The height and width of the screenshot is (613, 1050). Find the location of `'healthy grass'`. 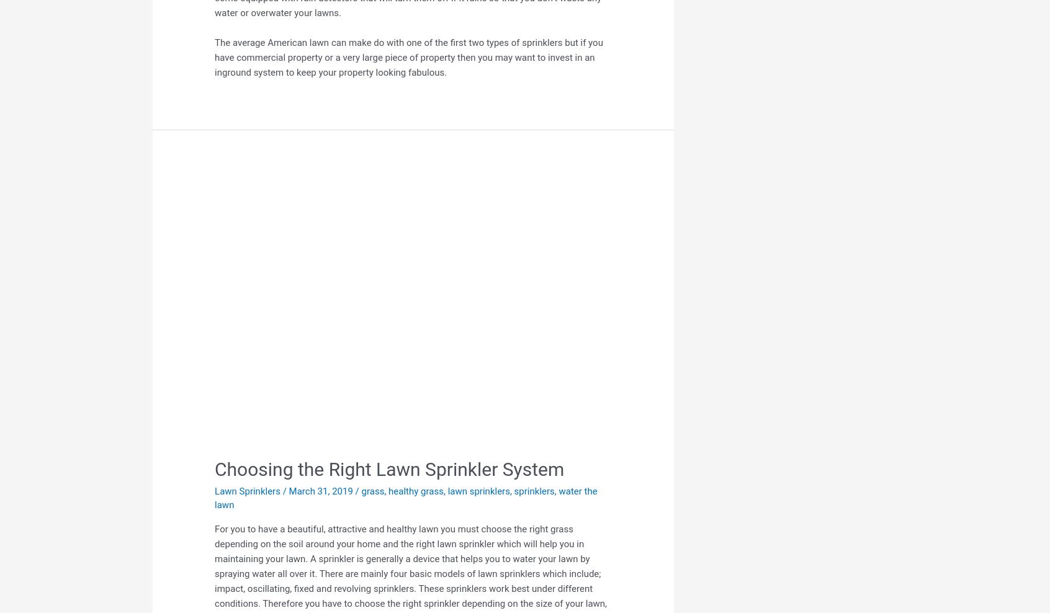

'healthy grass' is located at coordinates (416, 490).